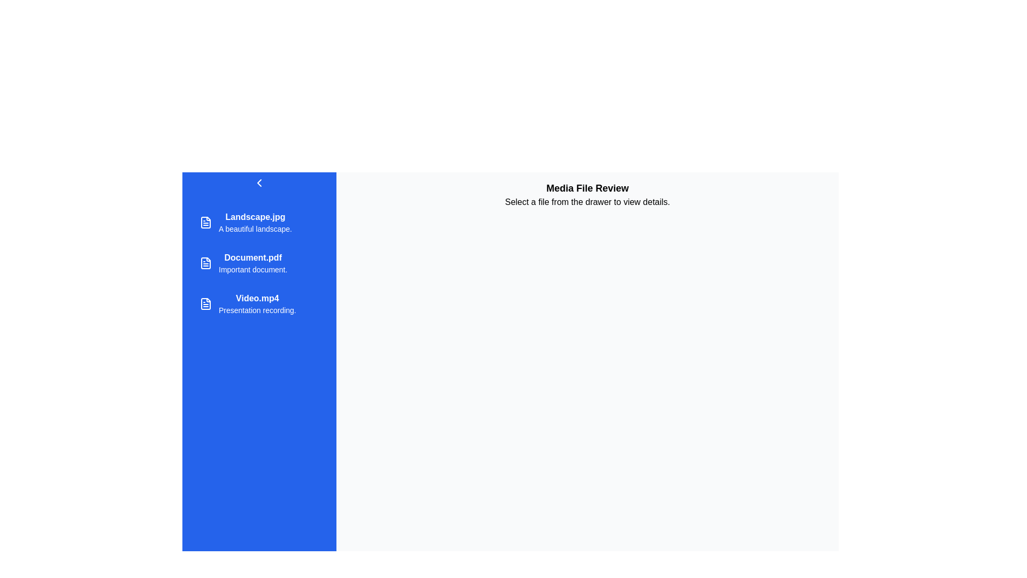  Describe the element at coordinates (259, 263) in the screenshot. I see `the second item in the vertical list of file entries labeled 'Document.pdf' in the blue sidebar` at that location.